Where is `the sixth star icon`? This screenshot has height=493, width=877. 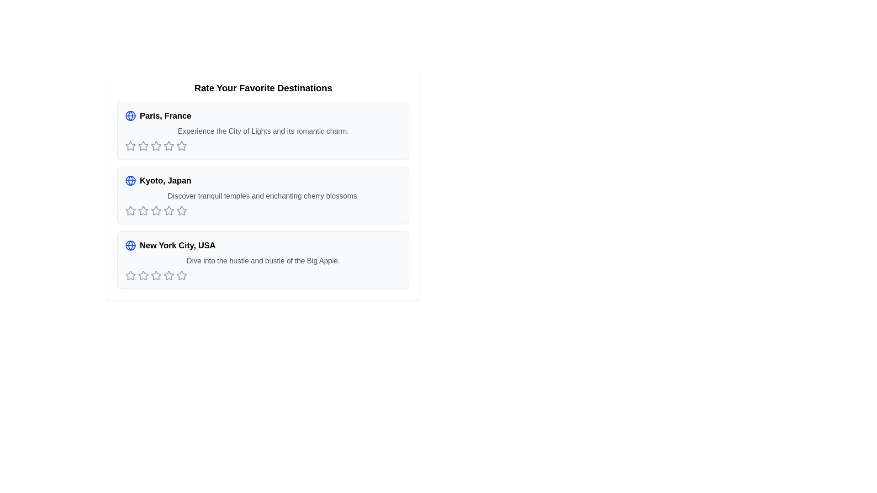
the sixth star icon is located at coordinates (169, 146).